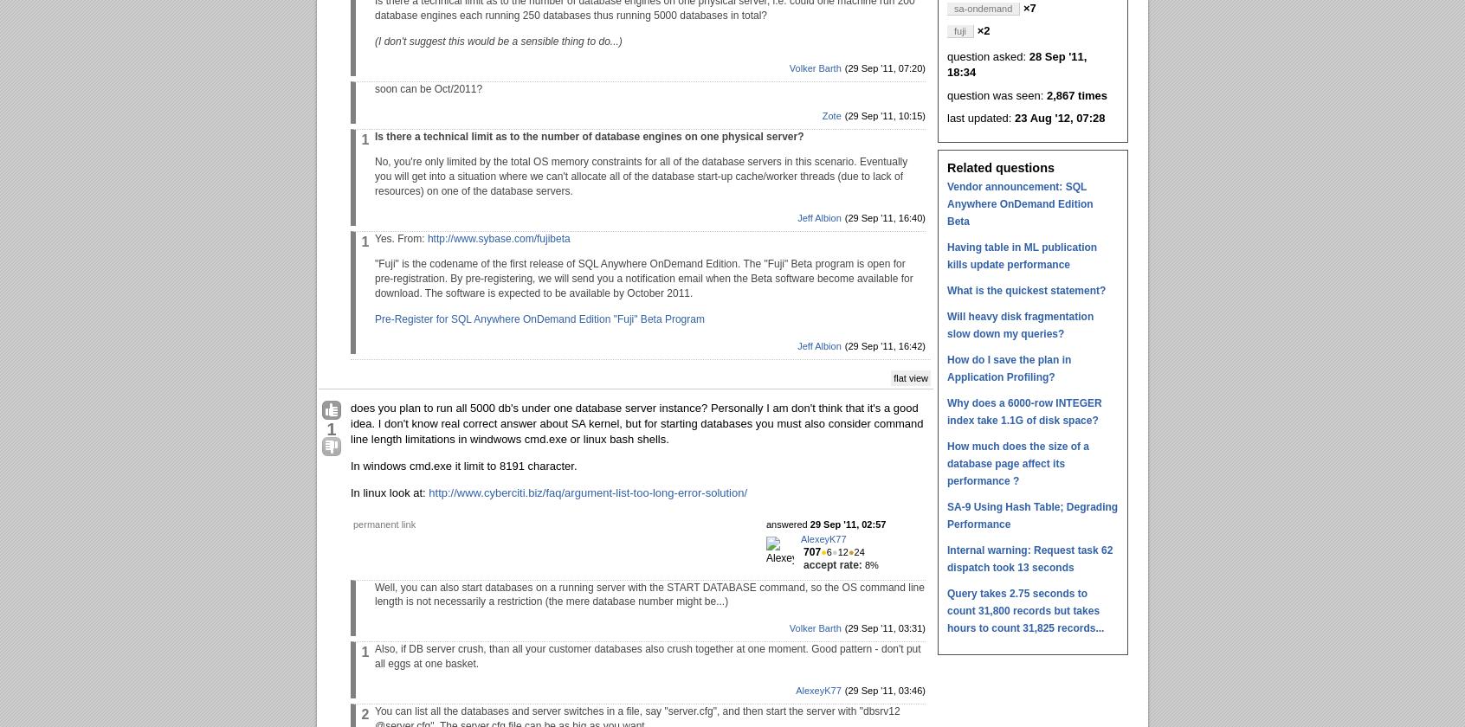 This screenshot has width=1465, height=727. I want to click on '(29 Sep '11, 07:20)', so click(883, 68).